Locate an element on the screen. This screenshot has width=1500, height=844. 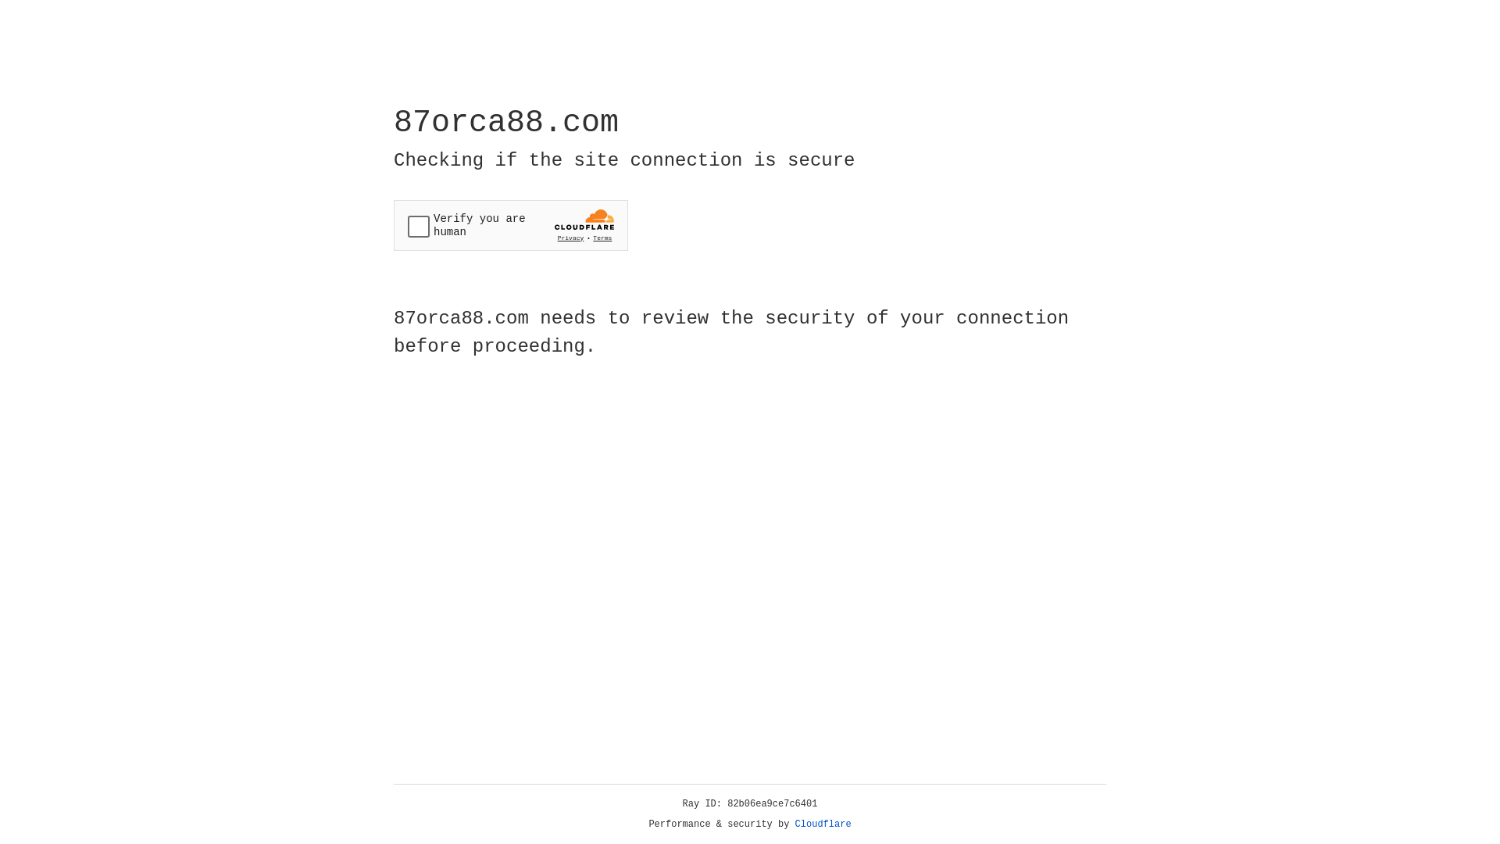
'Widget containing a Cloudflare security challenge' is located at coordinates (510, 225).